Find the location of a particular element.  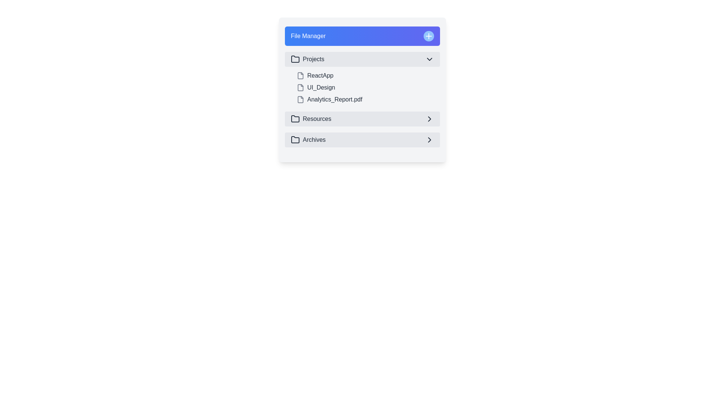

the text label displaying the filename 'Analytics_Report.pdf' is located at coordinates (334, 99).